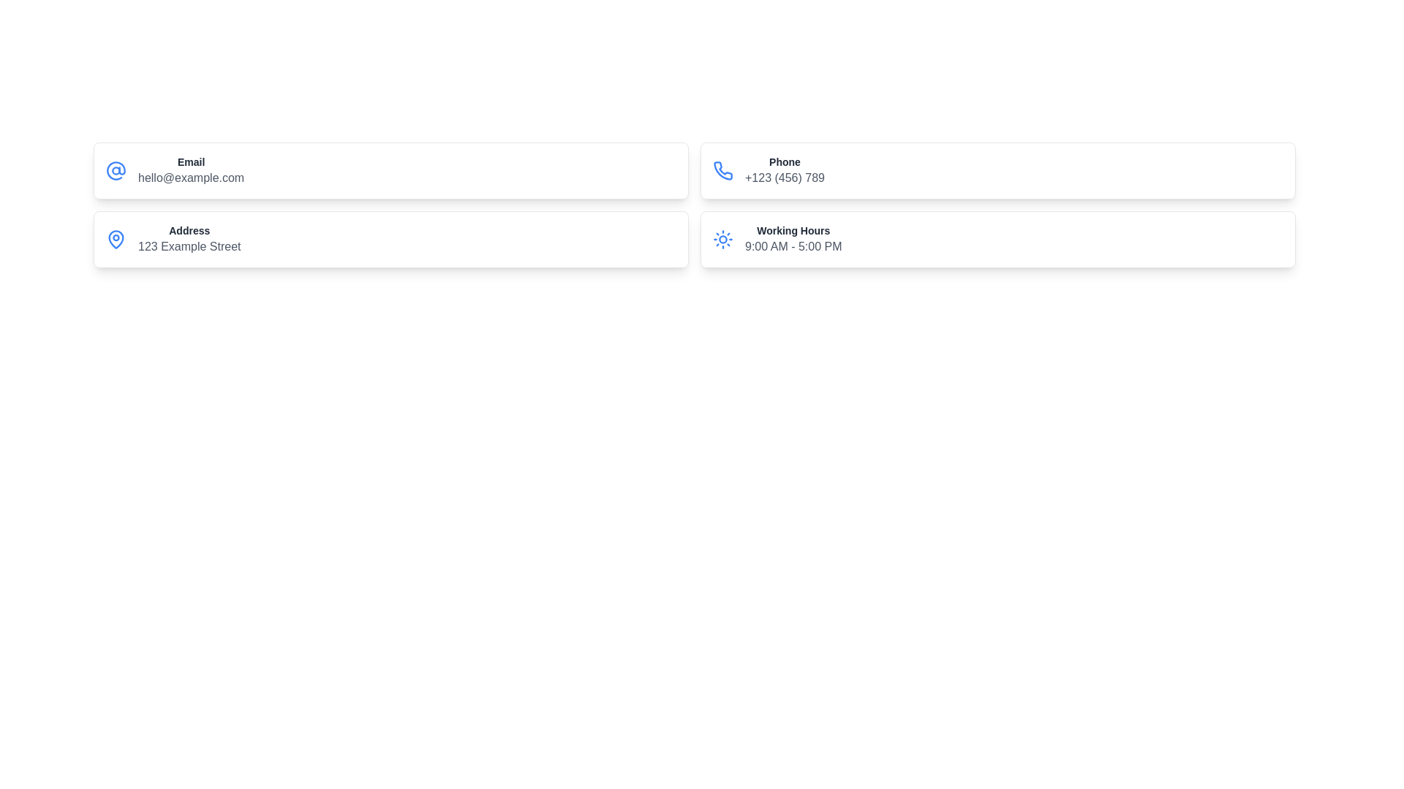  What do you see at coordinates (722, 170) in the screenshot?
I see `the contact information icon located at the far left of the card, which serves as an identifier for the associated phone number` at bounding box center [722, 170].